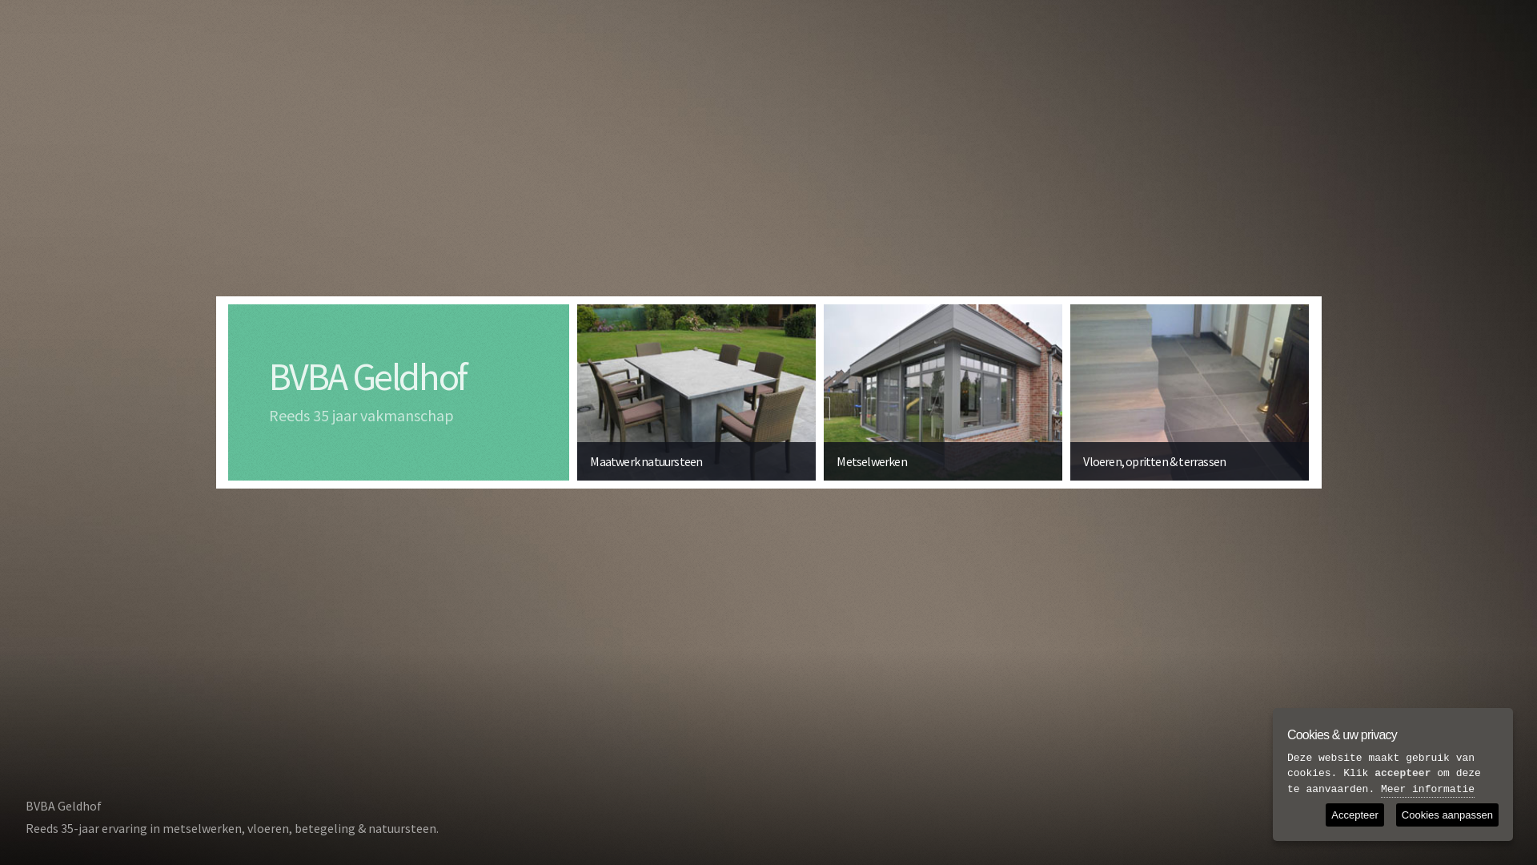 This screenshot has width=1537, height=865. Describe the element at coordinates (1447, 815) in the screenshot. I see `'Cookies aanpassen'` at that location.